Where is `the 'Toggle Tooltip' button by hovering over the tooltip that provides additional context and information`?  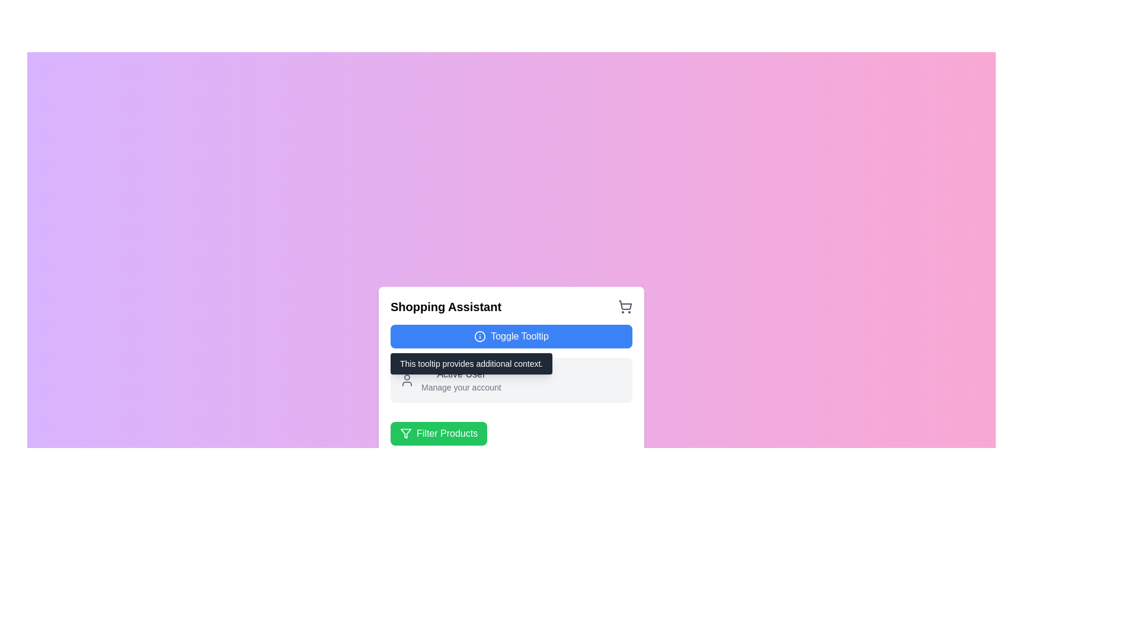 the 'Toggle Tooltip' button by hovering over the tooltip that provides additional context and information is located at coordinates (512, 372).